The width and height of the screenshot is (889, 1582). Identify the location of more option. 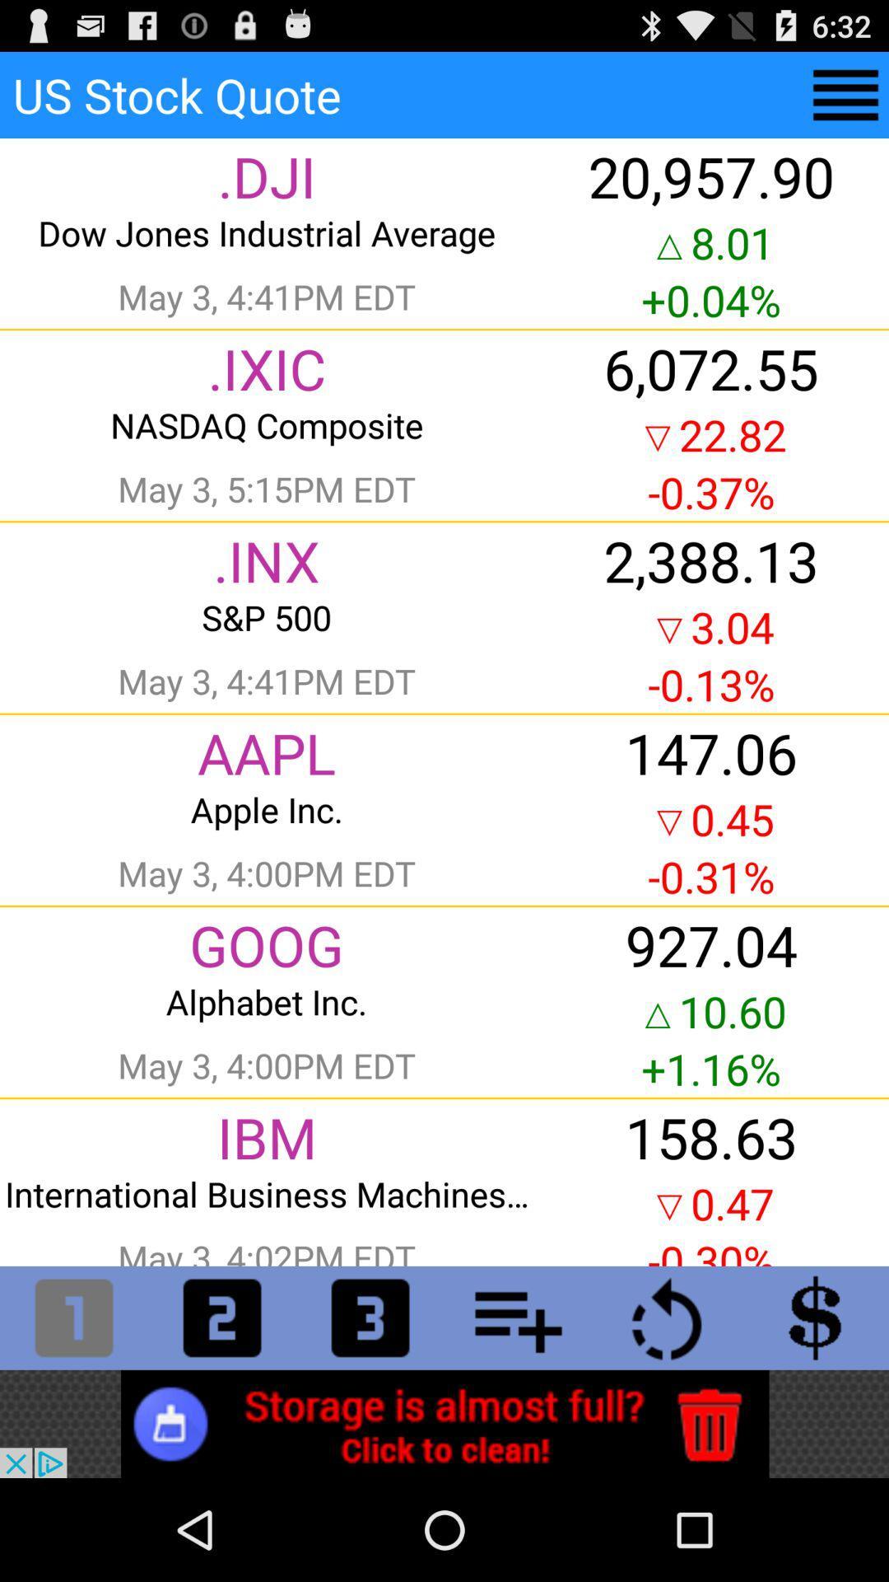
(845, 94).